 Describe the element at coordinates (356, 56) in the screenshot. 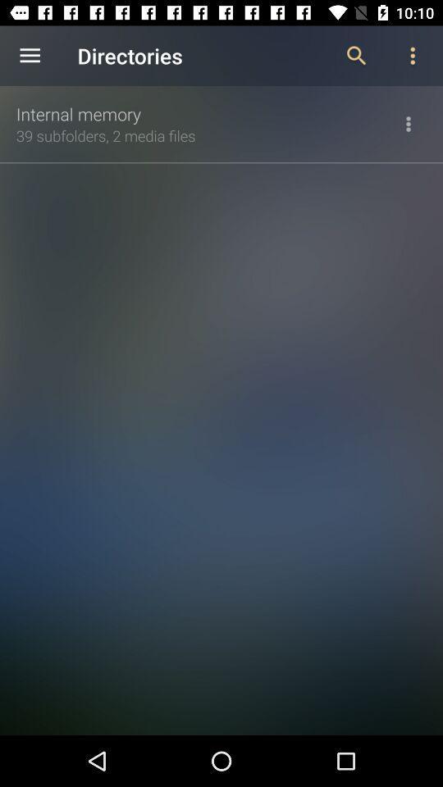

I see `the icon to the right of the directories` at that location.